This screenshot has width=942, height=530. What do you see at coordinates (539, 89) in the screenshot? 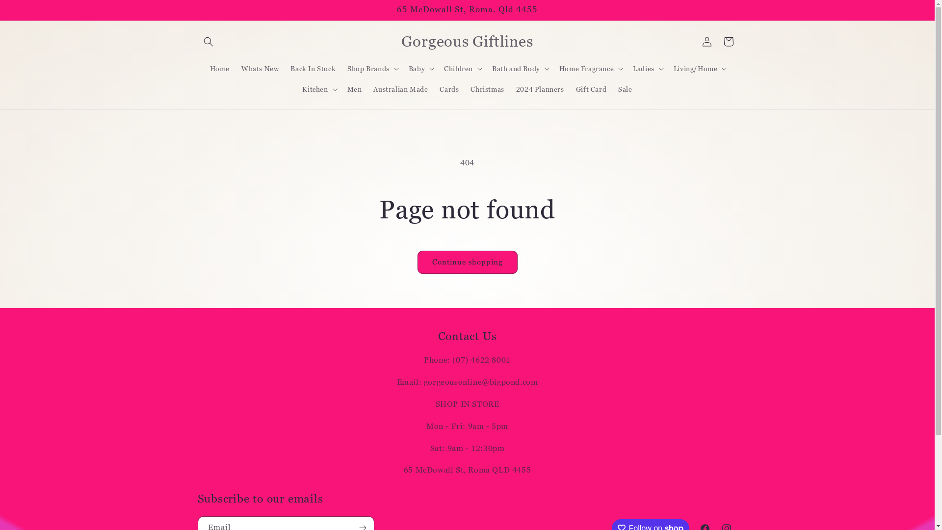
I see `'2024 Planners'` at bounding box center [539, 89].